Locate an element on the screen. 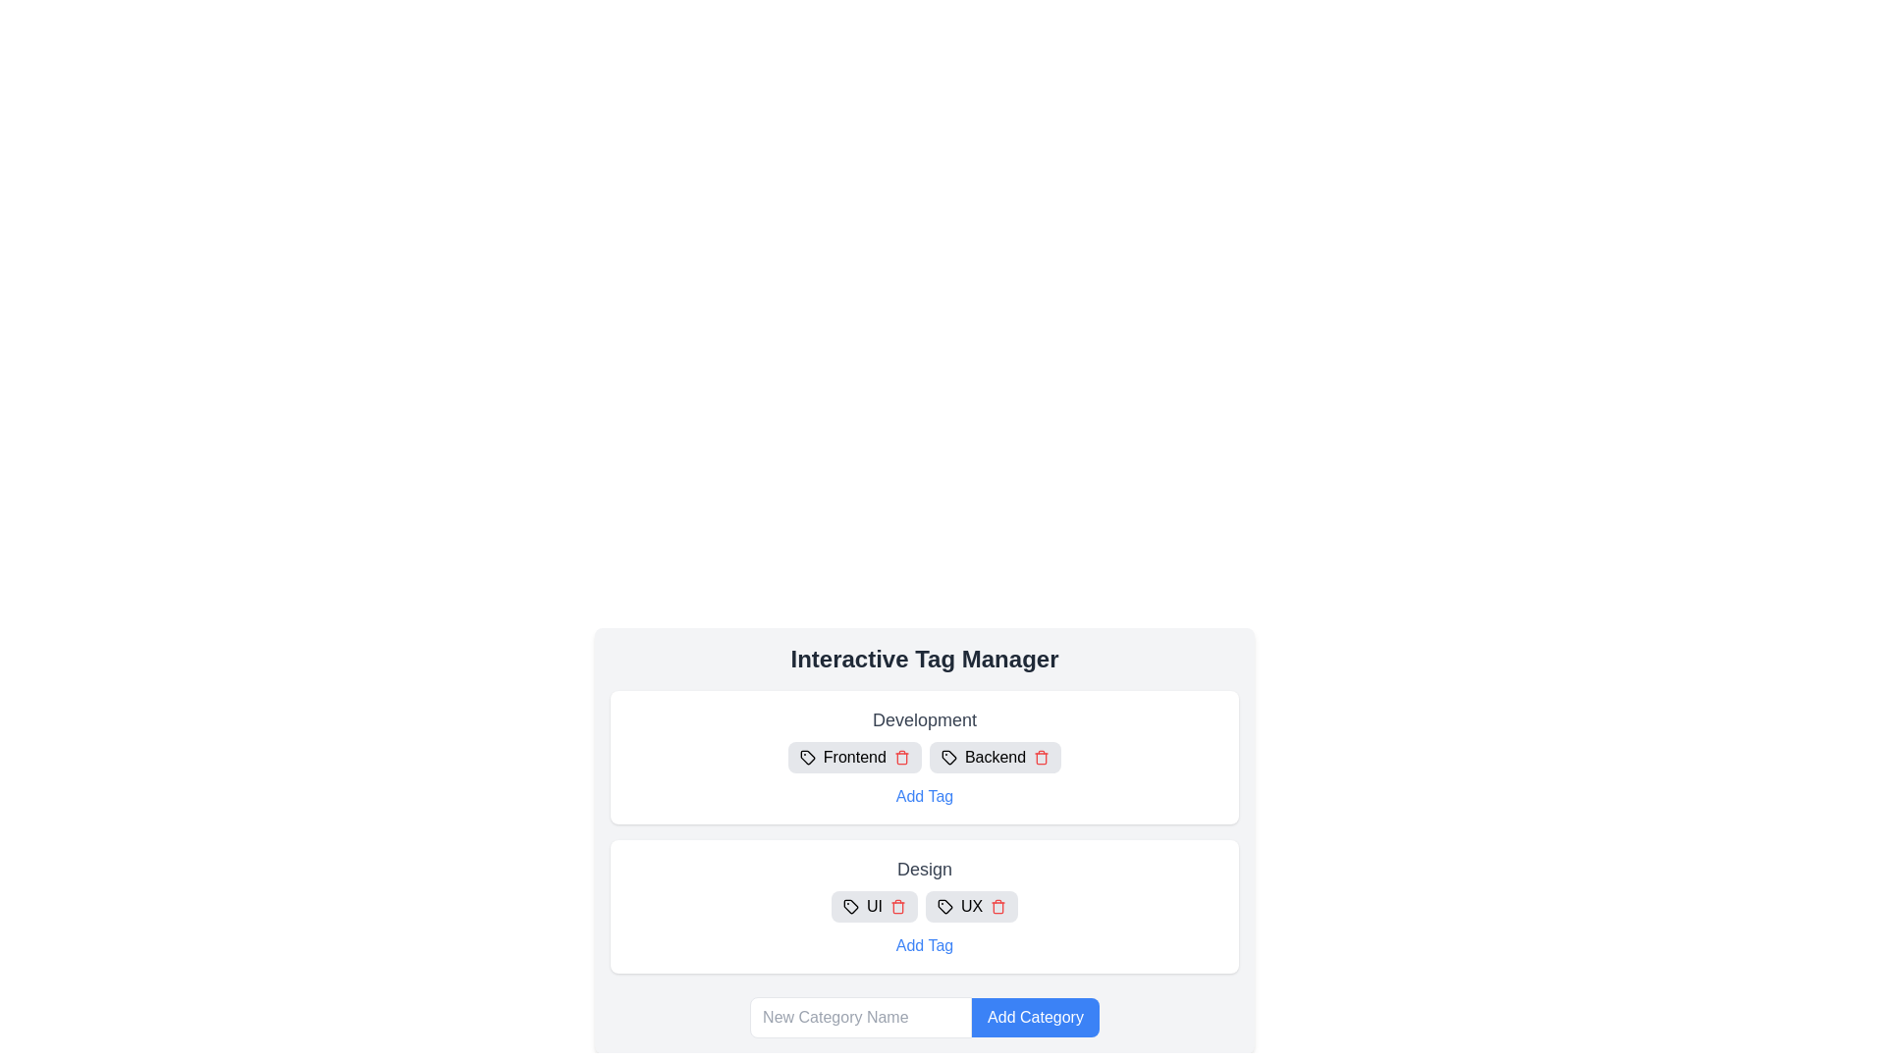  the first tag icon in the 'Design' category row, located to the left of the 'UI' text is located at coordinates (850, 907).